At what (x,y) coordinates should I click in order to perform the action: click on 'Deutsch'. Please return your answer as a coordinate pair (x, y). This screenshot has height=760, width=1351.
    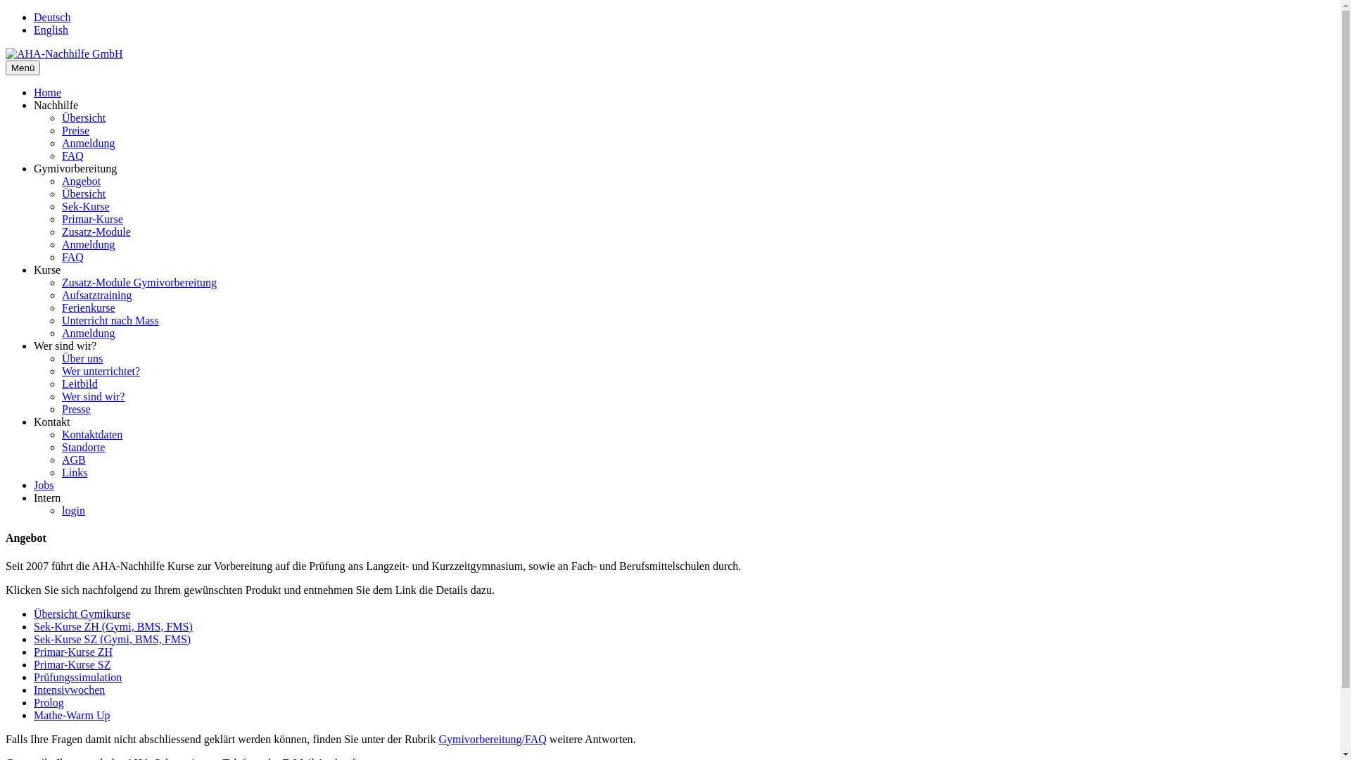
    Looking at the image, I should click on (51, 17).